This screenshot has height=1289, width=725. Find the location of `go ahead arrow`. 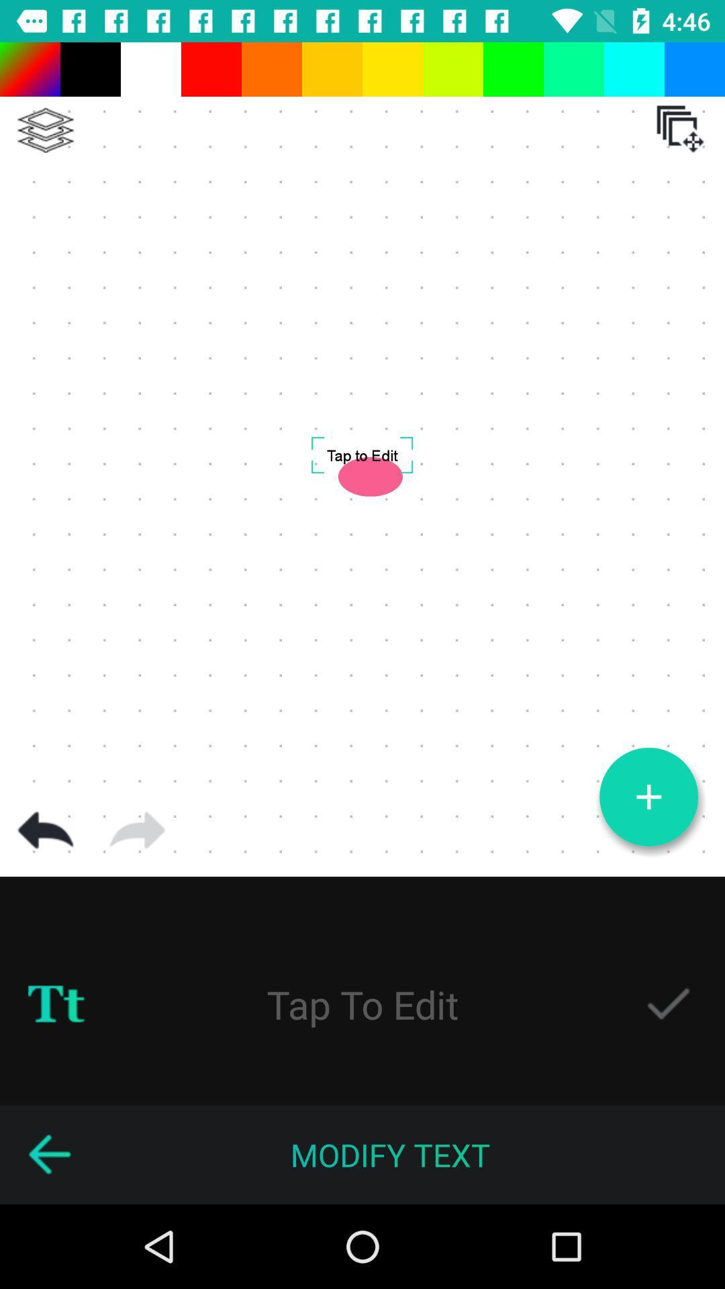

go ahead arrow is located at coordinates (137, 830).